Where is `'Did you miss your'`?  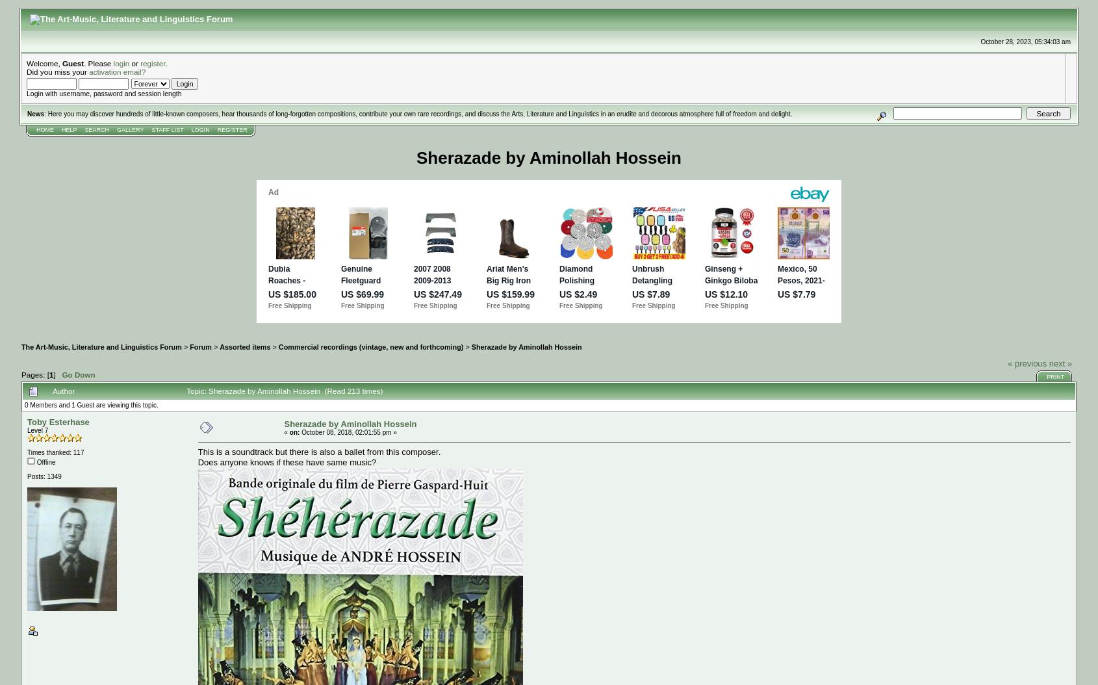
'Did you miss your' is located at coordinates (58, 71).